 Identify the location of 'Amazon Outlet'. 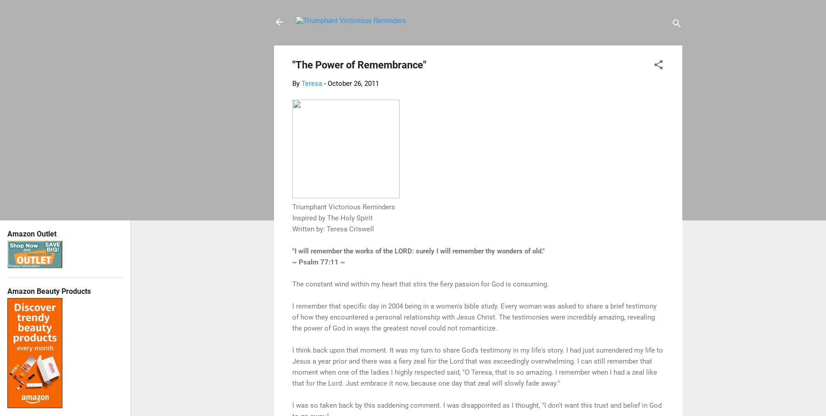
(31, 234).